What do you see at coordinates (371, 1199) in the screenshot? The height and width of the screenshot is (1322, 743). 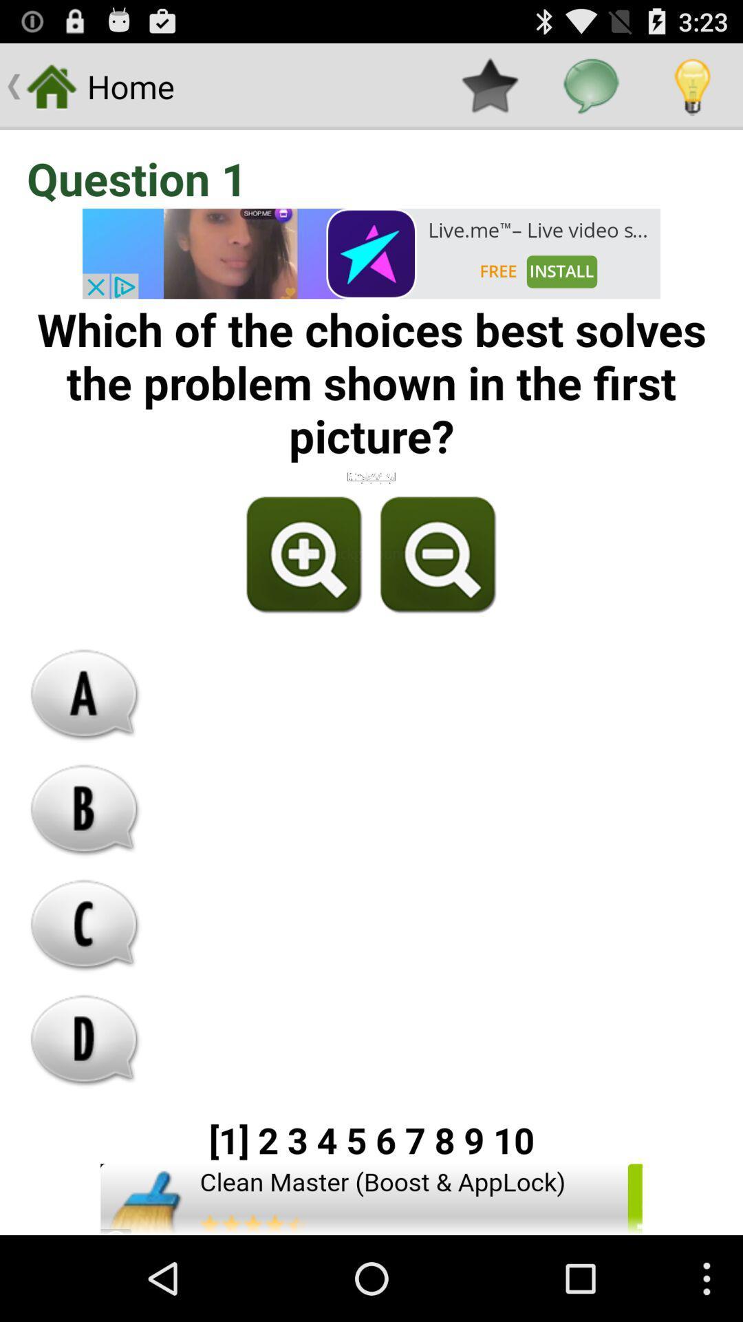 I see `install app` at bounding box center [371, 1199].